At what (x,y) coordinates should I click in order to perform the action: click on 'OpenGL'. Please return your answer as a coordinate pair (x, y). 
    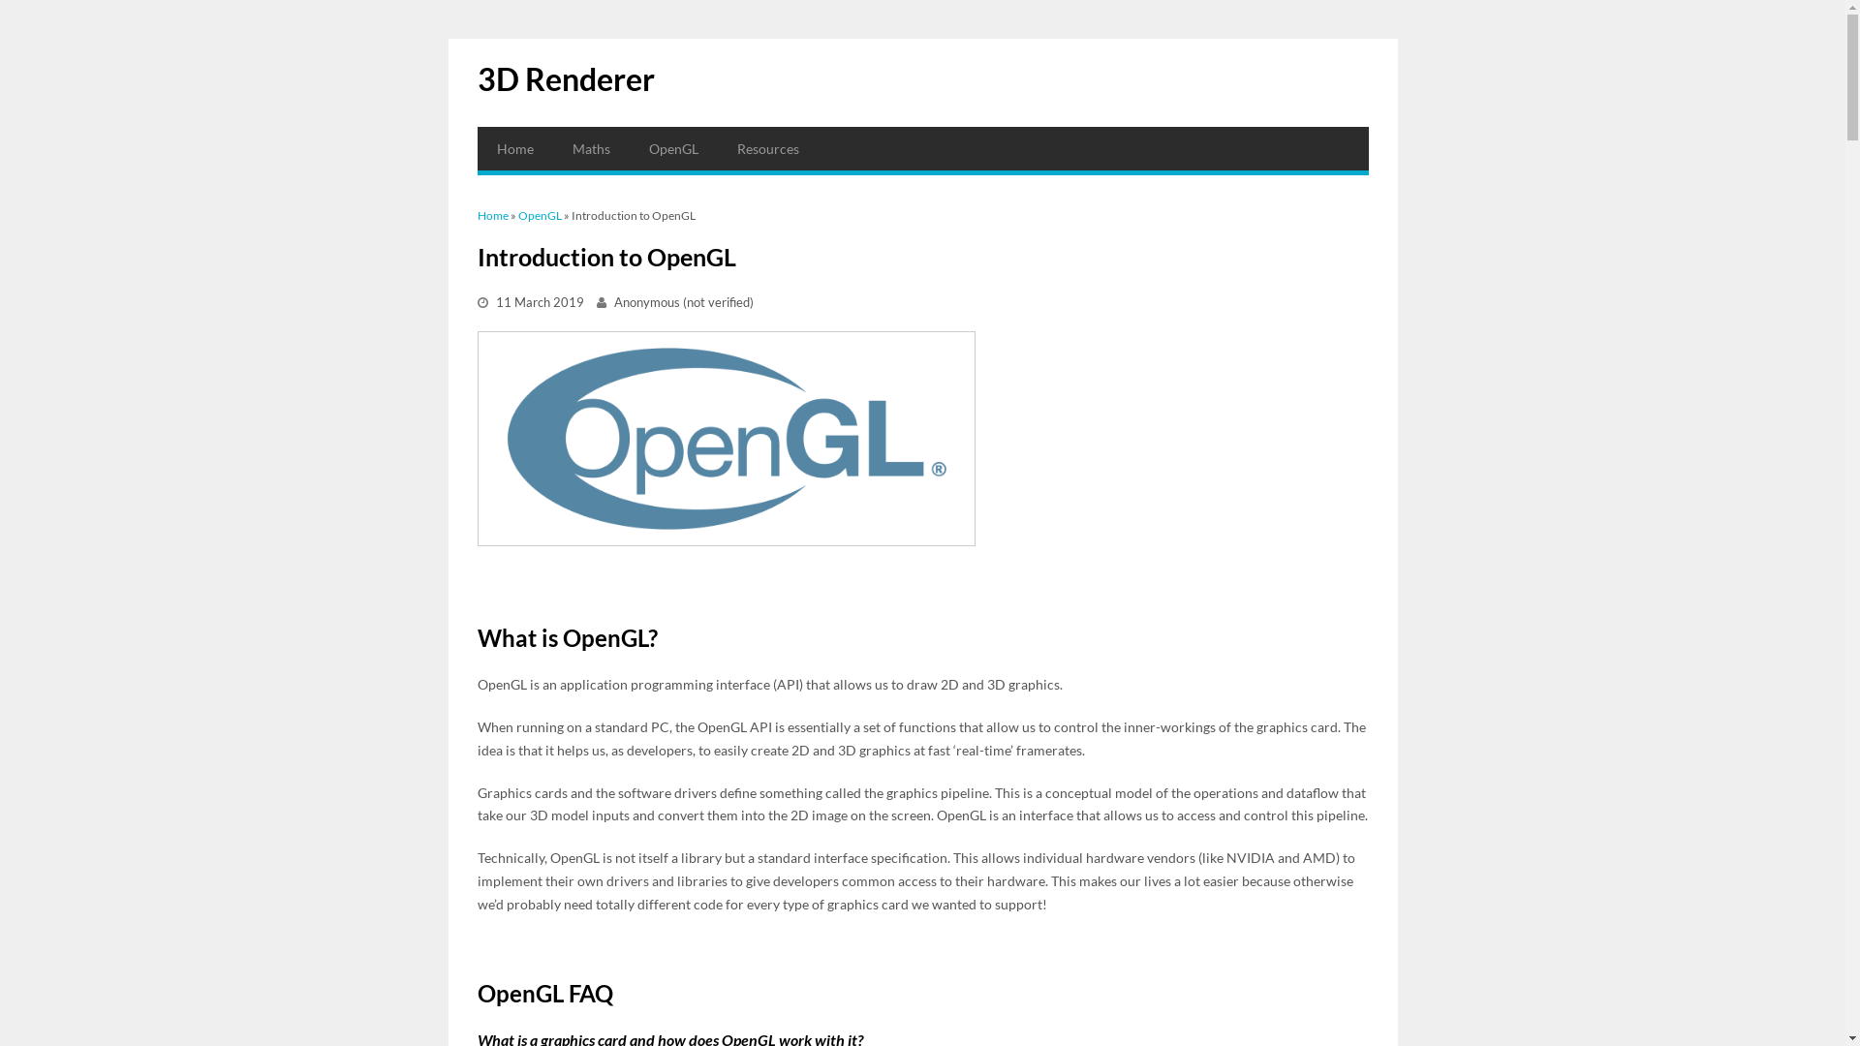
    Looking at the image, I should click on (516, 215).